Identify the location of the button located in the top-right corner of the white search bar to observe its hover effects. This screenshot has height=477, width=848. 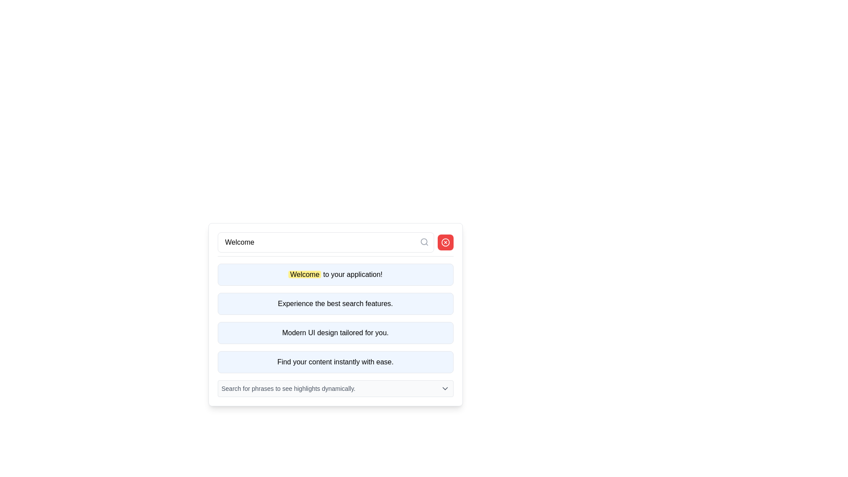
(445, 242).